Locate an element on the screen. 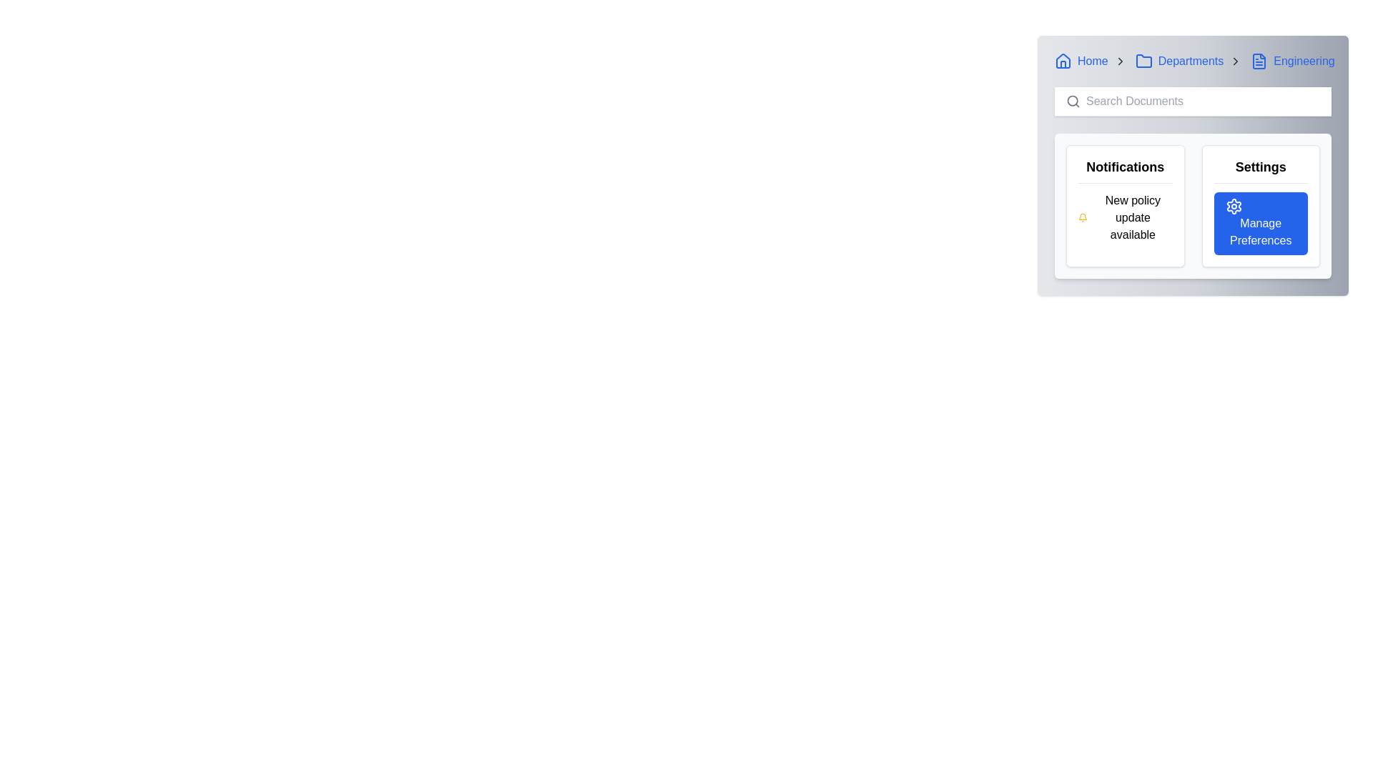  the notification message 'New policy update available' with the yellow bell icon in the Notifications card is located at coordinates (1124, 217).